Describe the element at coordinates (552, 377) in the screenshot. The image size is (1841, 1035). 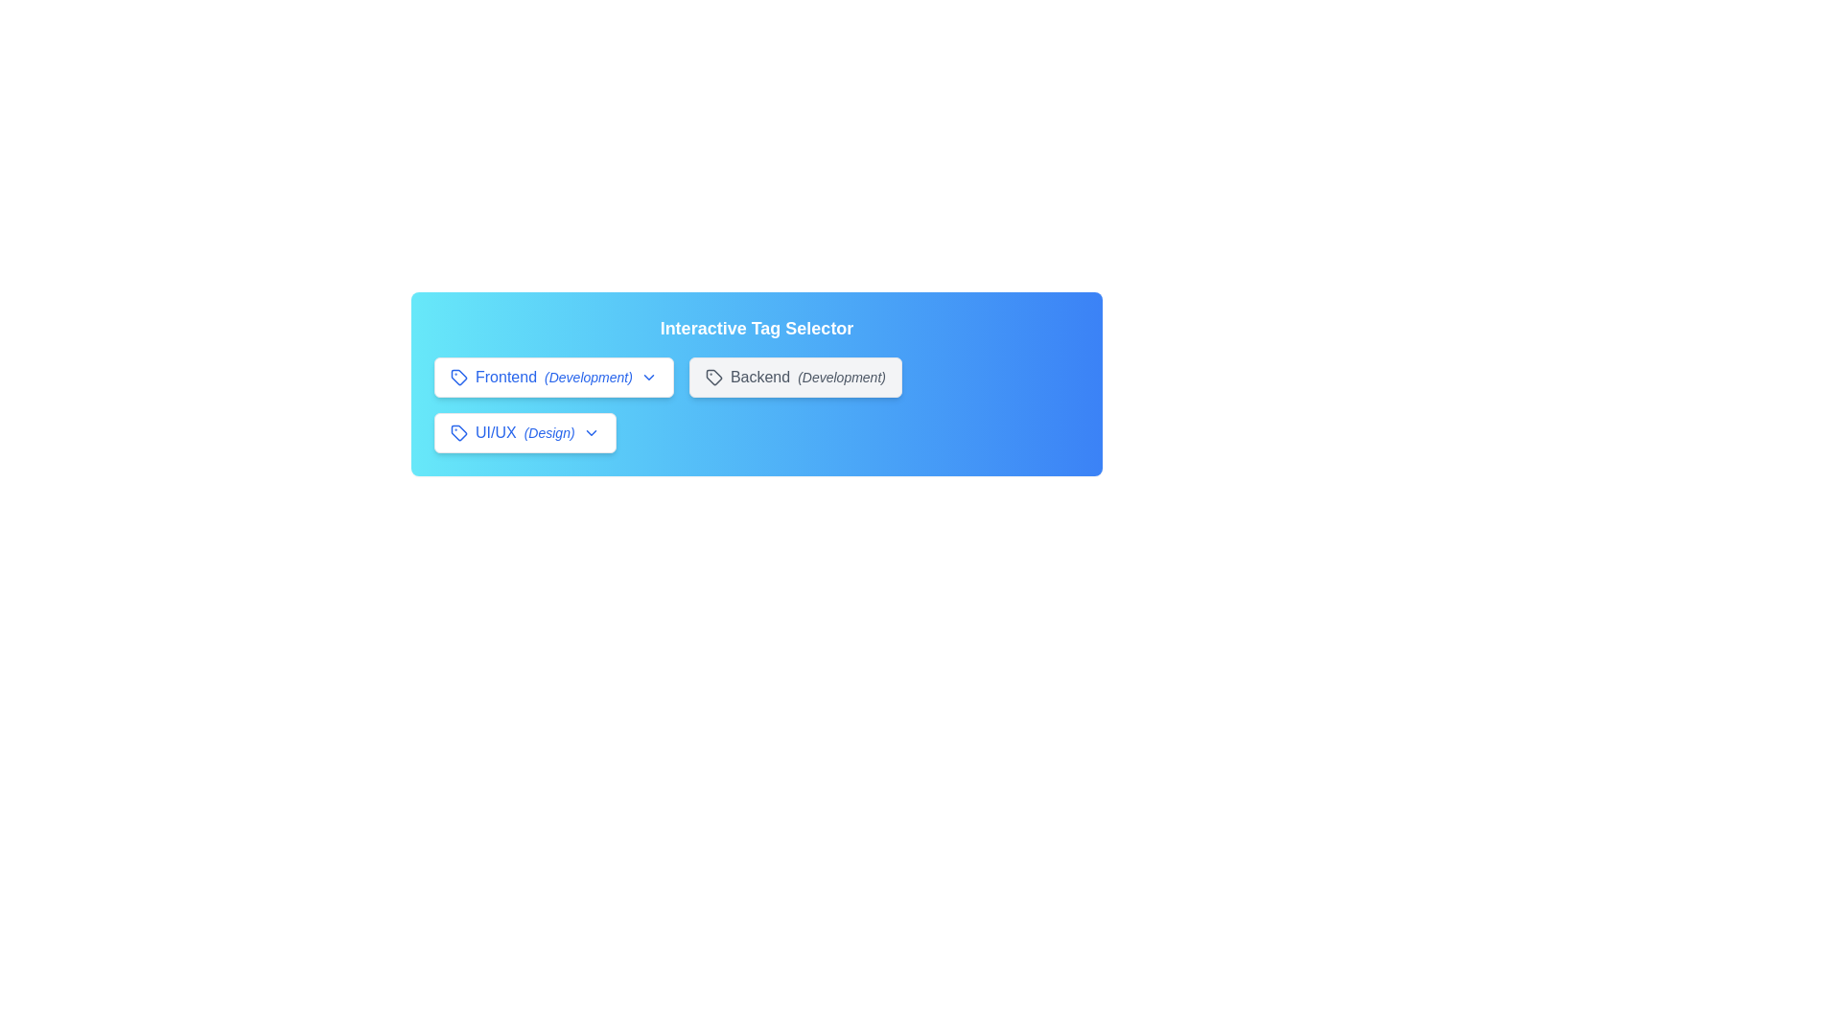
I see `the tag Frontend` at that location.